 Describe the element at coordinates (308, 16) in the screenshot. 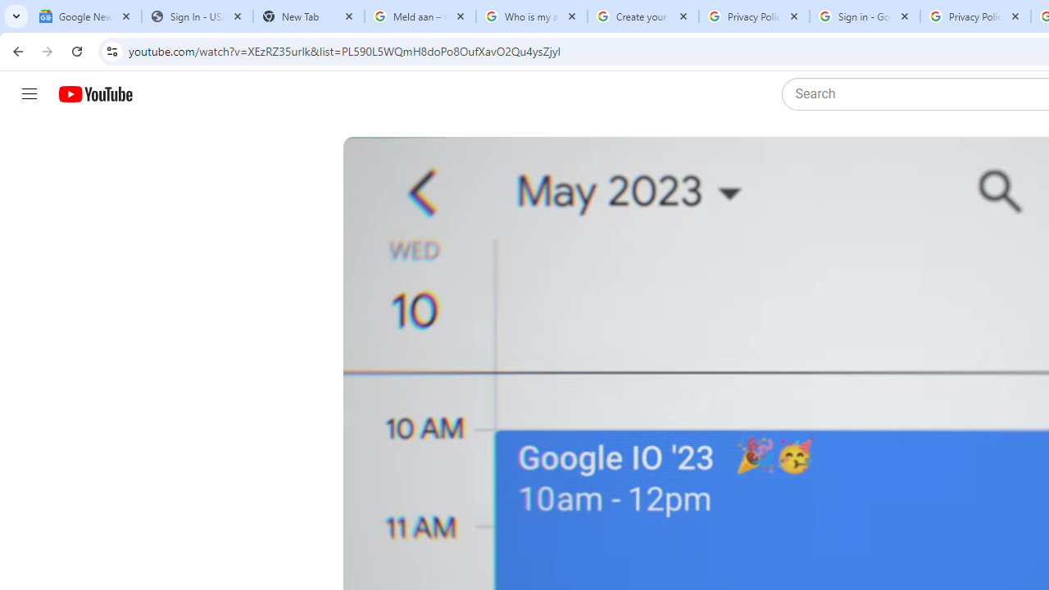

I see `'New Tab'` at that location.